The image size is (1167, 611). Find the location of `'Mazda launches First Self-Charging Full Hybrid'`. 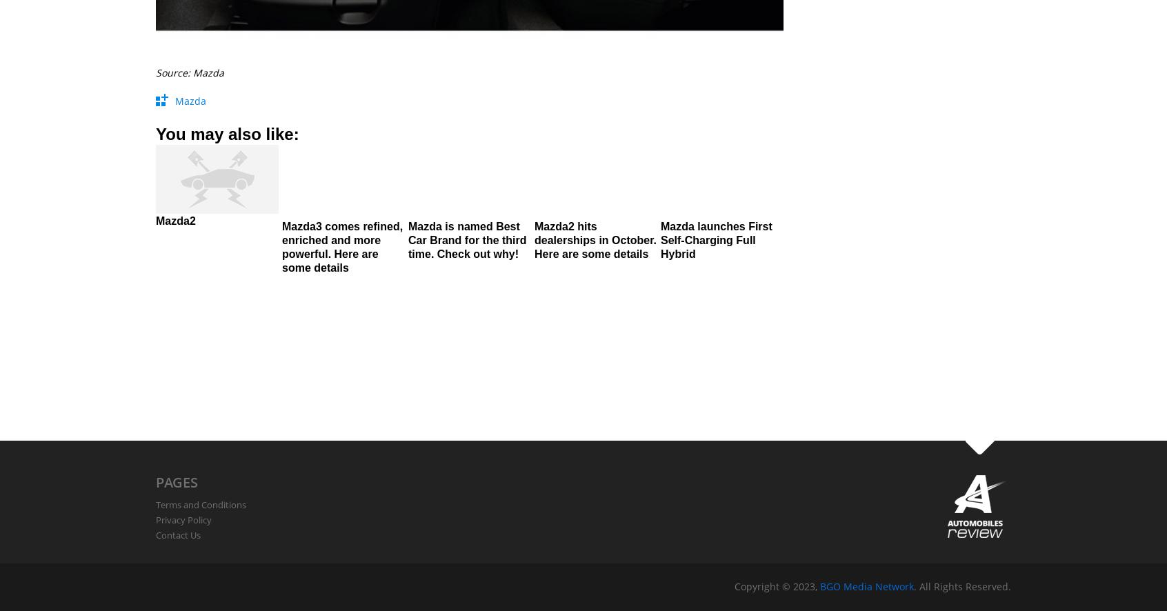

'Mazda launches First Self-Charging Full Hybrid' is located at coordinates (715, 239).